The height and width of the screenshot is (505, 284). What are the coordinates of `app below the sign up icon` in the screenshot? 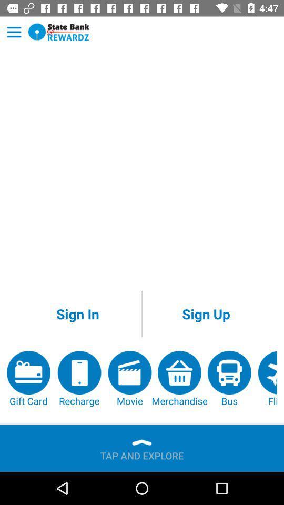 It's located at (229, 379).